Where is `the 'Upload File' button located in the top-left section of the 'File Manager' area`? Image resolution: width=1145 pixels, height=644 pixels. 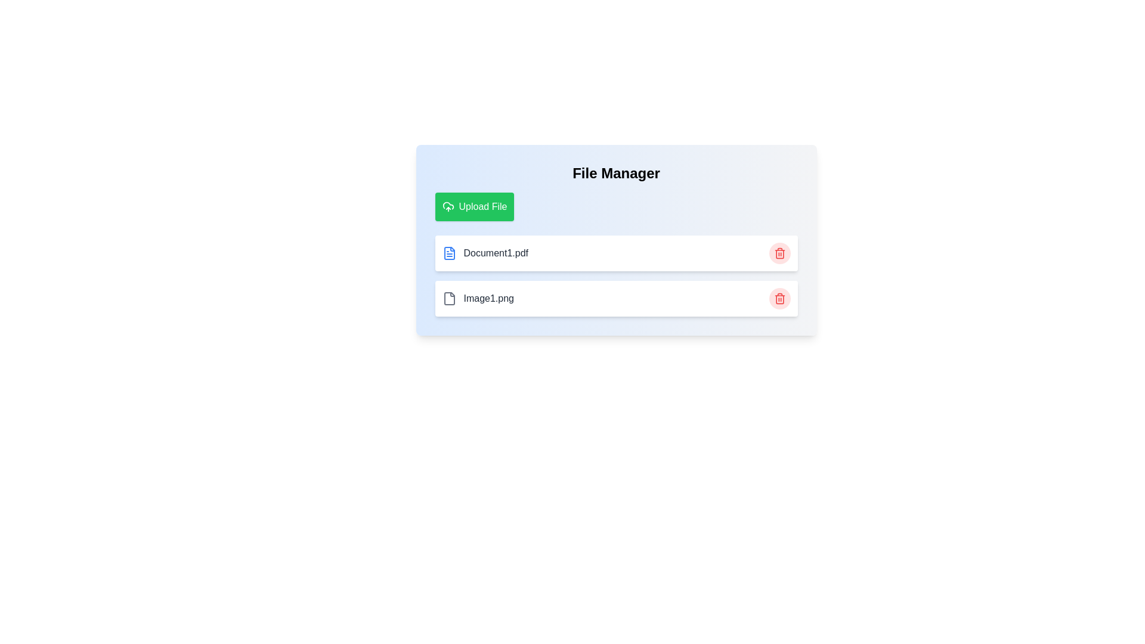 the 'Upload File' button located in the top-left section of the 'File Manager' area is located at coordinates (447, 206).